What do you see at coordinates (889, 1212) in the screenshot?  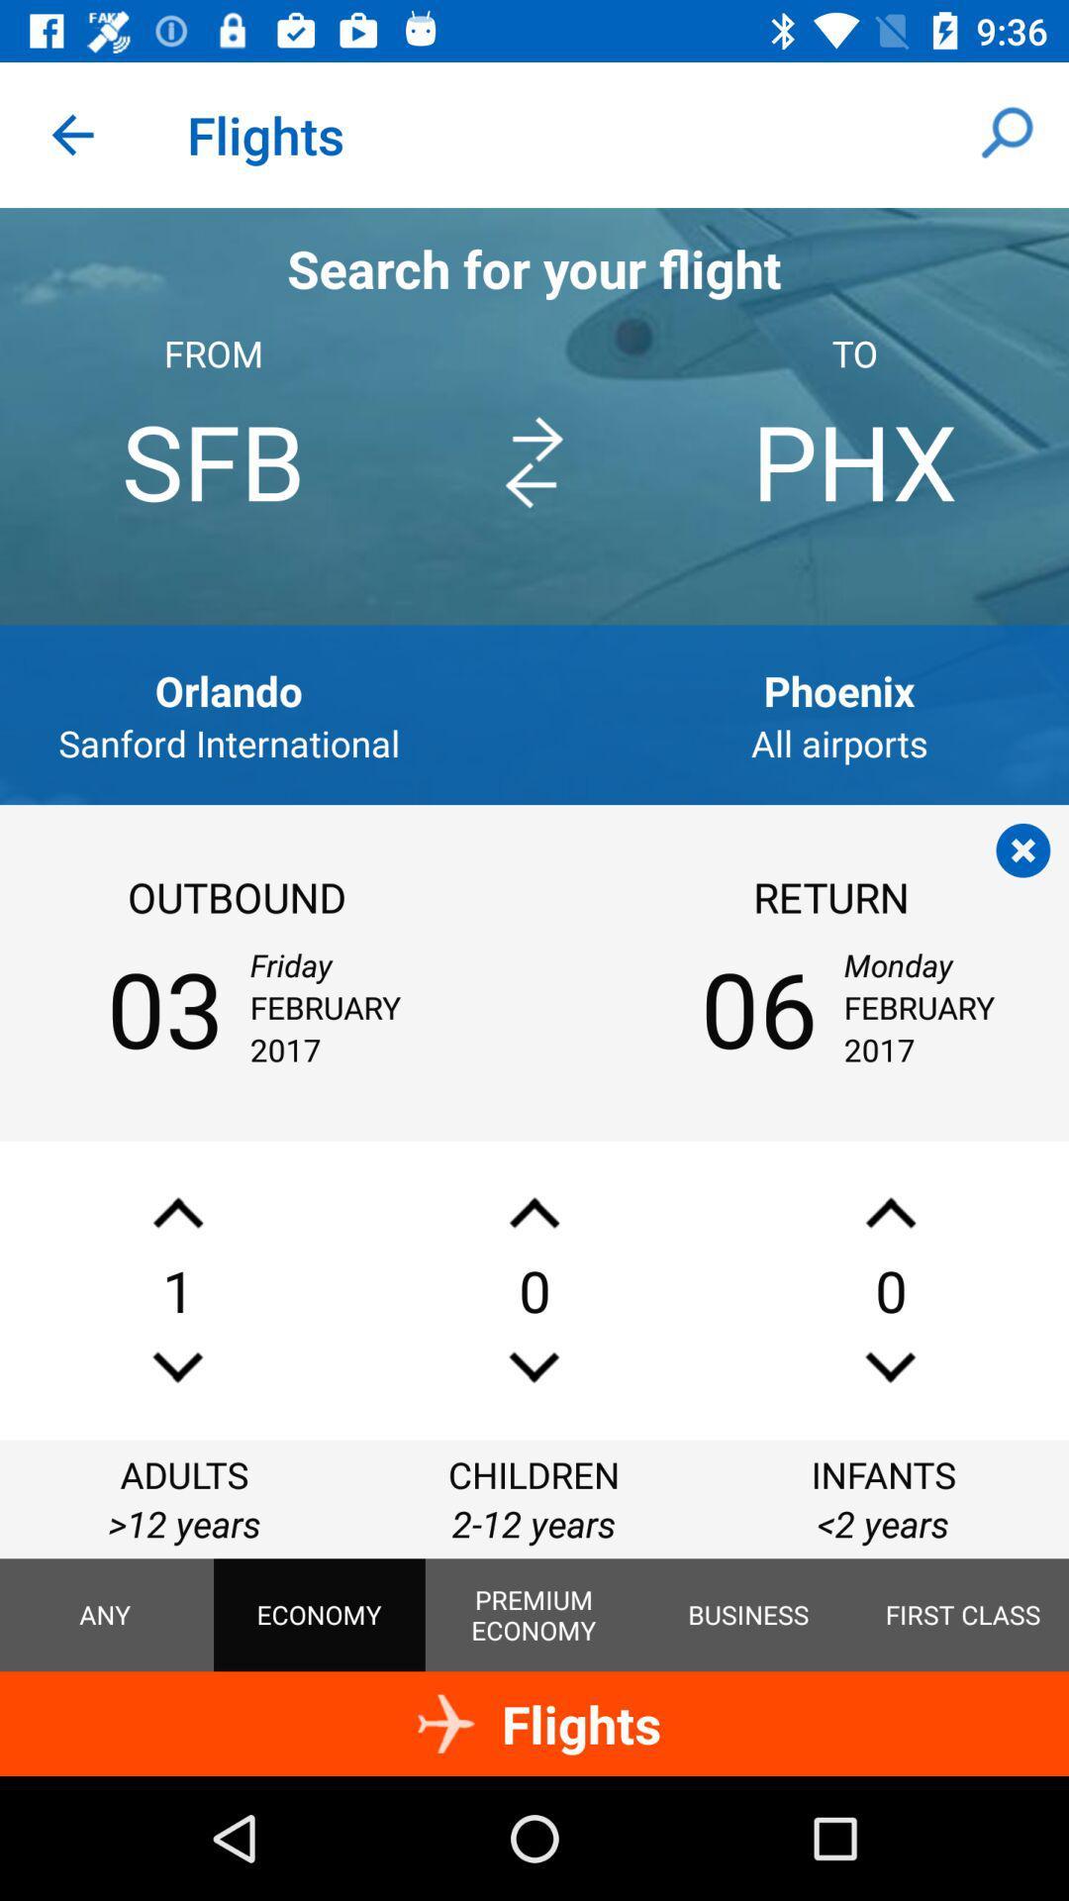 I see `one infant` at bounding box center [889, 1212].